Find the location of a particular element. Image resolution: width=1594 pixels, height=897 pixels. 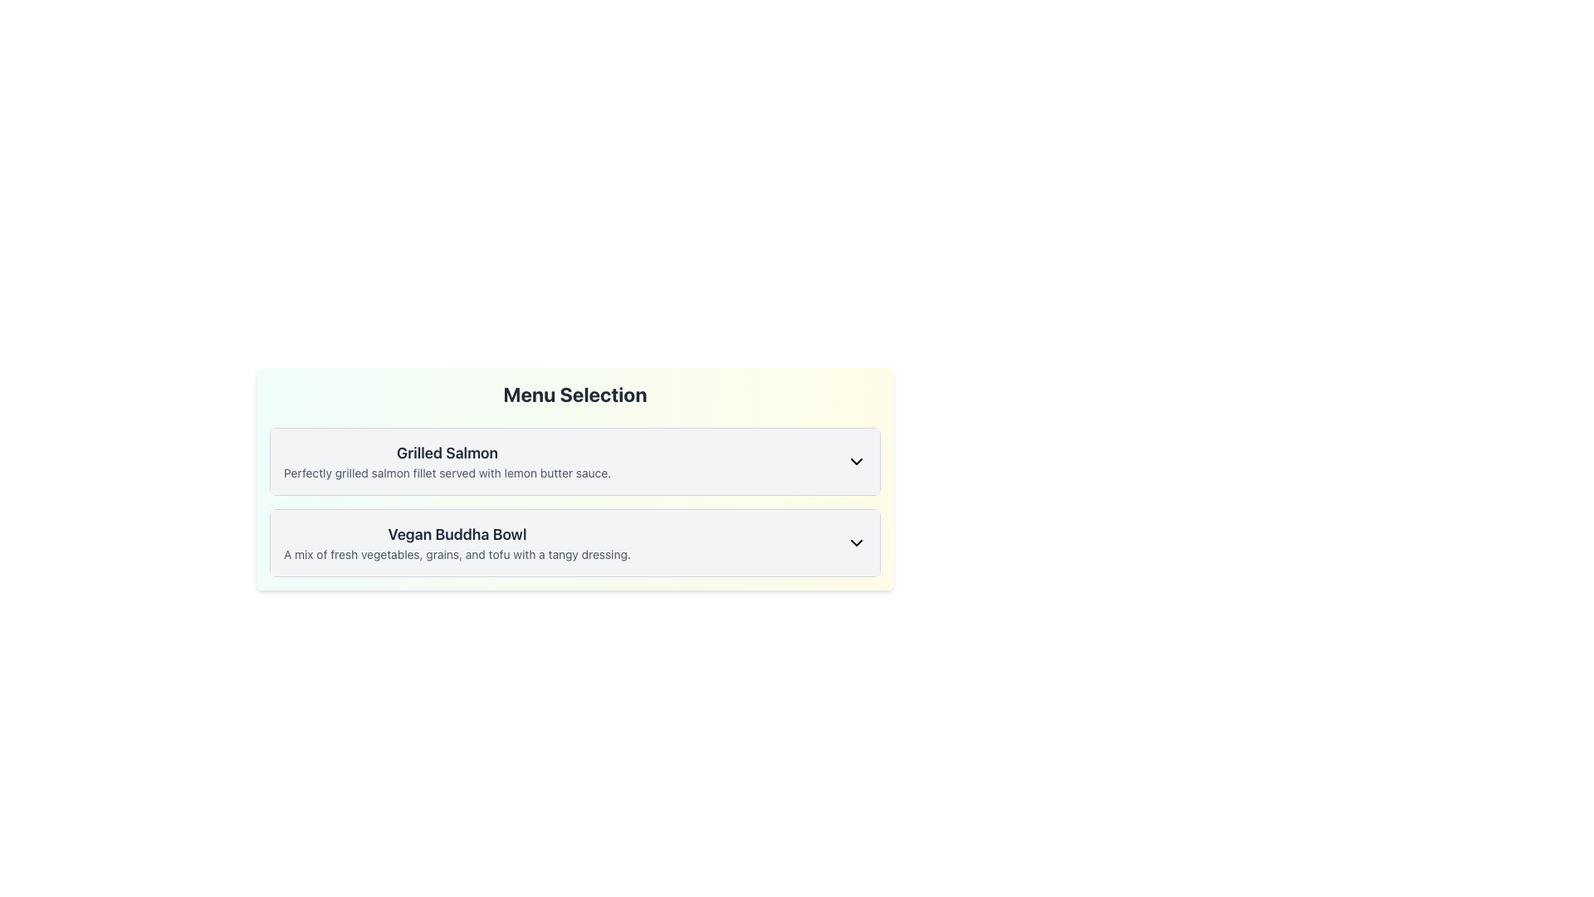

the 'Grilled Salmon' text block, which is the first entry under the 'Menu Selection' heading is located at coordinates (447, 461).